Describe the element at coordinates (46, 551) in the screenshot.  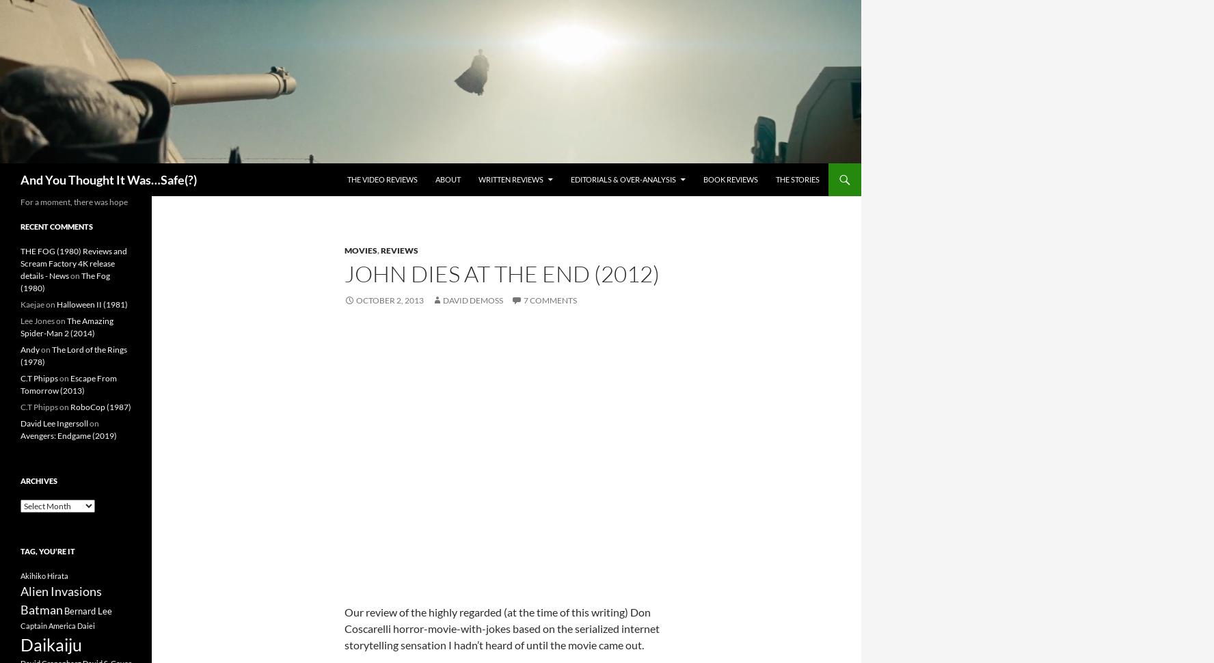
I see `'Tag, You’re It'` at that location.